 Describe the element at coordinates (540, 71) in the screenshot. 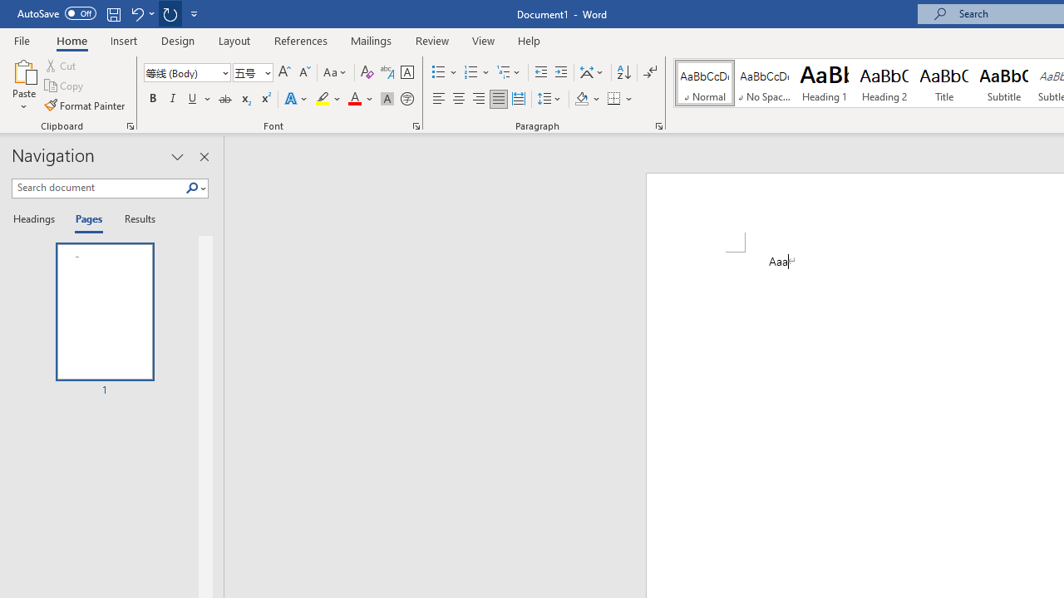

I see `'Decrease Indent'` at that location.